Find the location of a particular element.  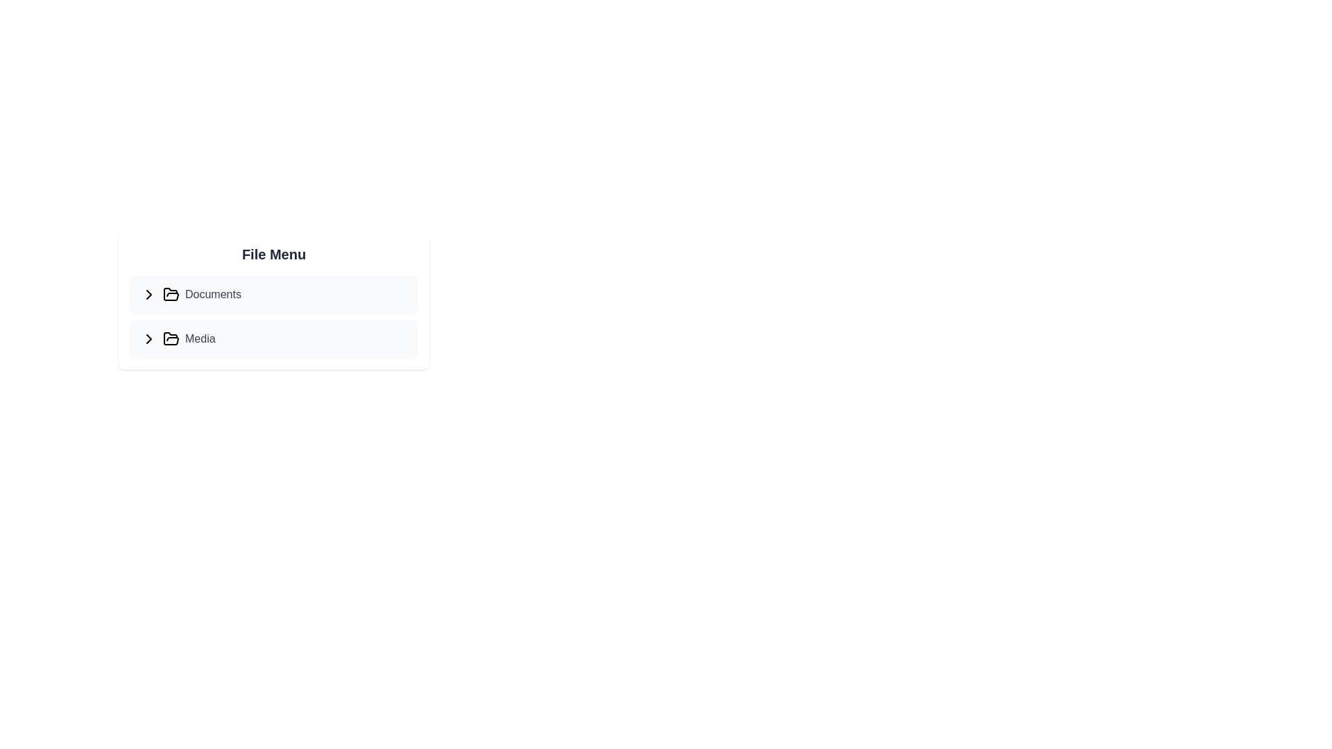

the first item in the file menu, which represents the 'Documents' directory is located at coordinates (273, 293).